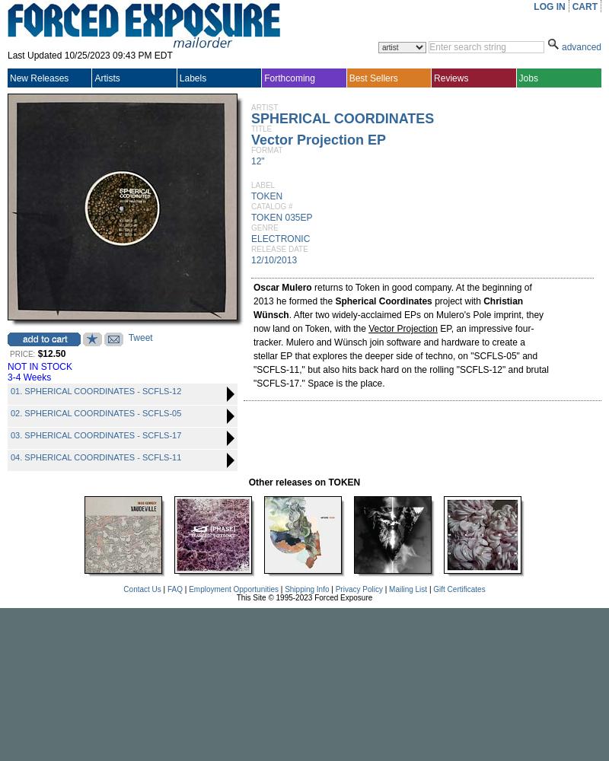  I want to click on 'Labels', so click(192, 77).